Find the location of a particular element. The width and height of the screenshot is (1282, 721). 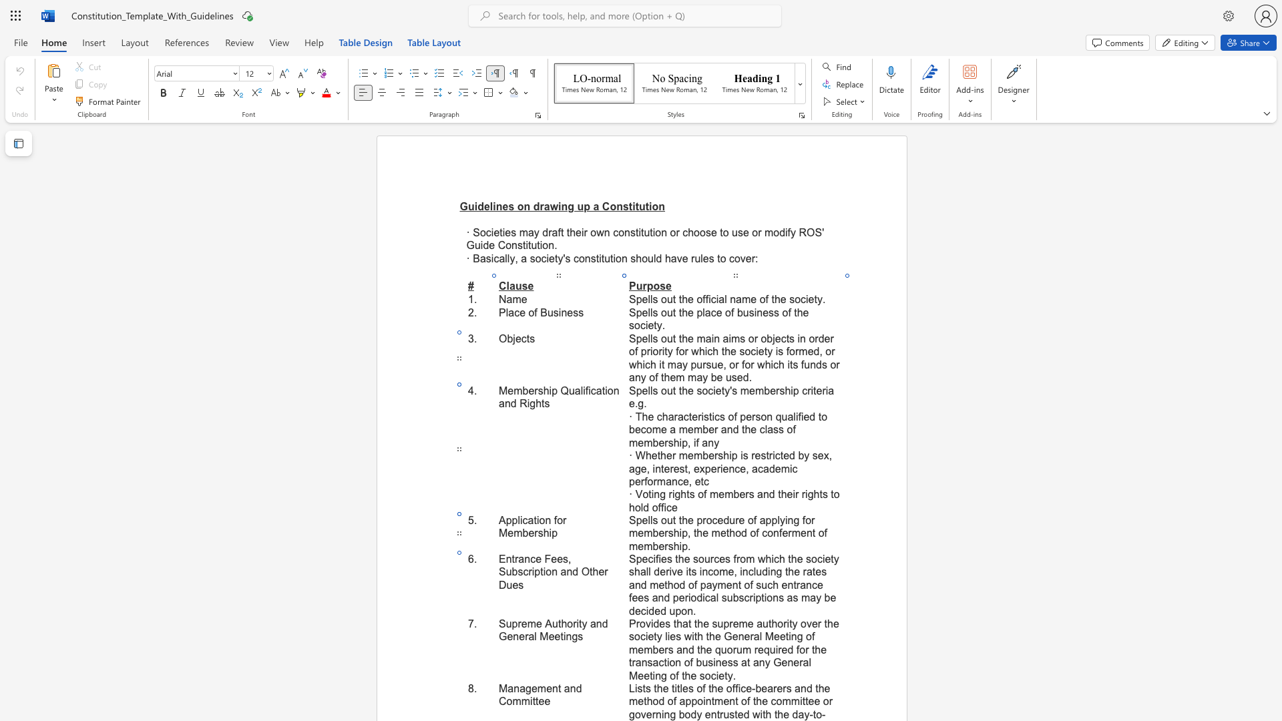

the 1th character "M" in the text is located at coordinates (544, 636).